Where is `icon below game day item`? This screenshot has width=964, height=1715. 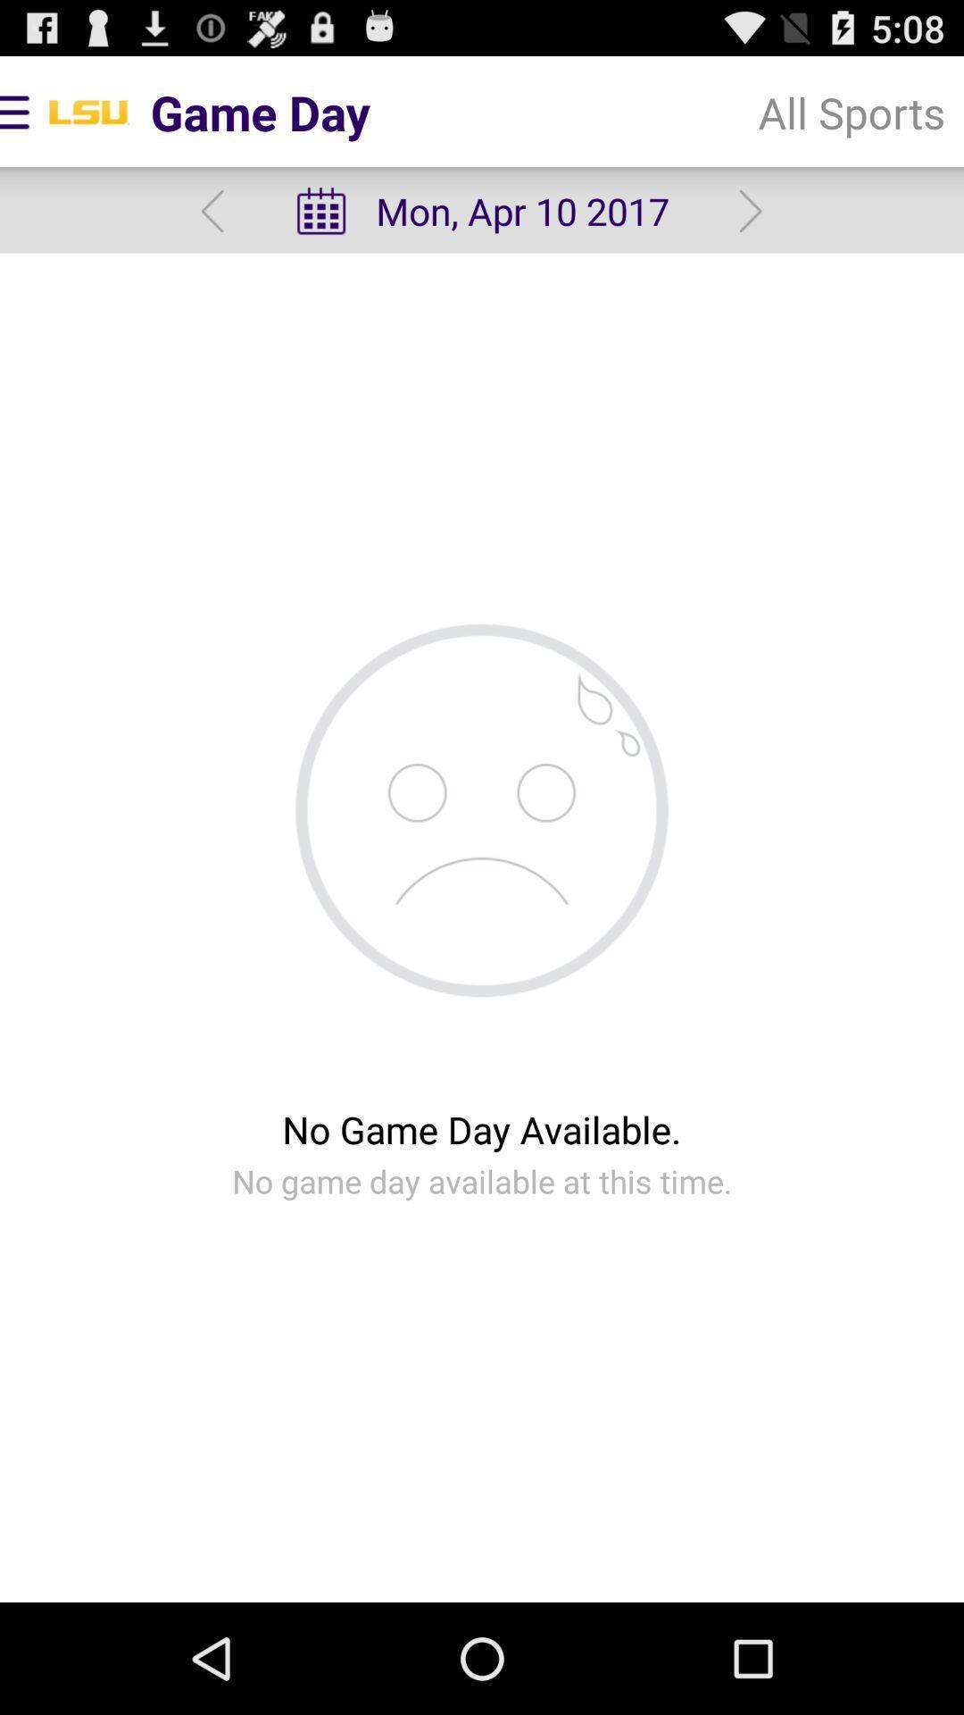
icon below game day item is located at coordinates (212, 211).